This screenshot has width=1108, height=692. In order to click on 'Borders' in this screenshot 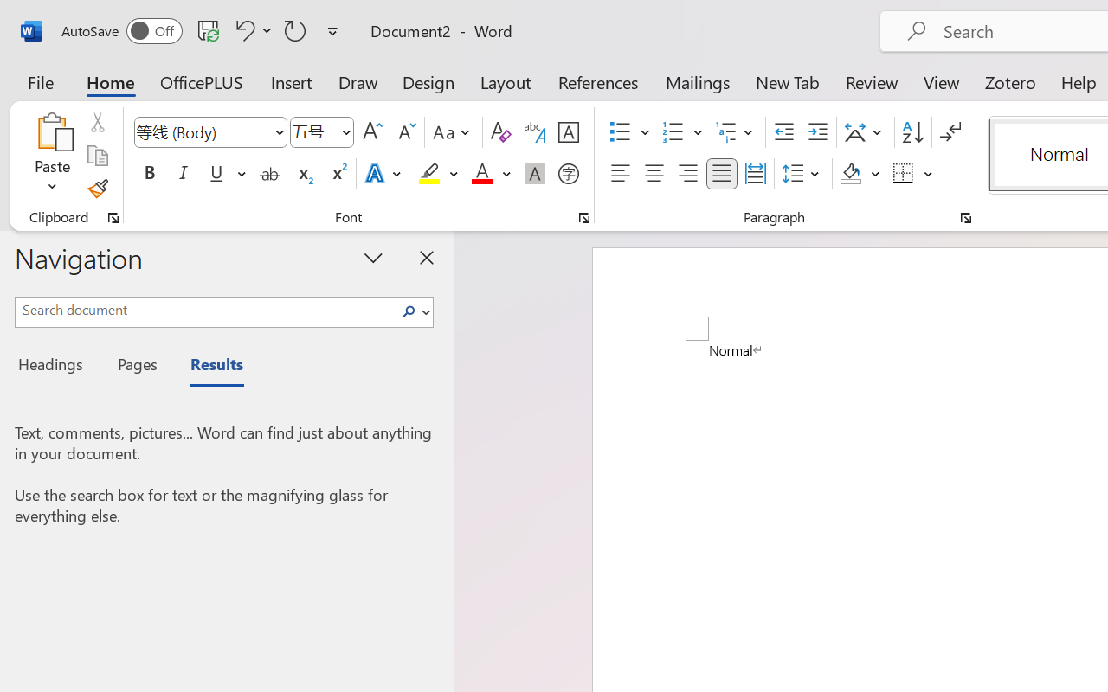, I will do `click(903, 174)`.